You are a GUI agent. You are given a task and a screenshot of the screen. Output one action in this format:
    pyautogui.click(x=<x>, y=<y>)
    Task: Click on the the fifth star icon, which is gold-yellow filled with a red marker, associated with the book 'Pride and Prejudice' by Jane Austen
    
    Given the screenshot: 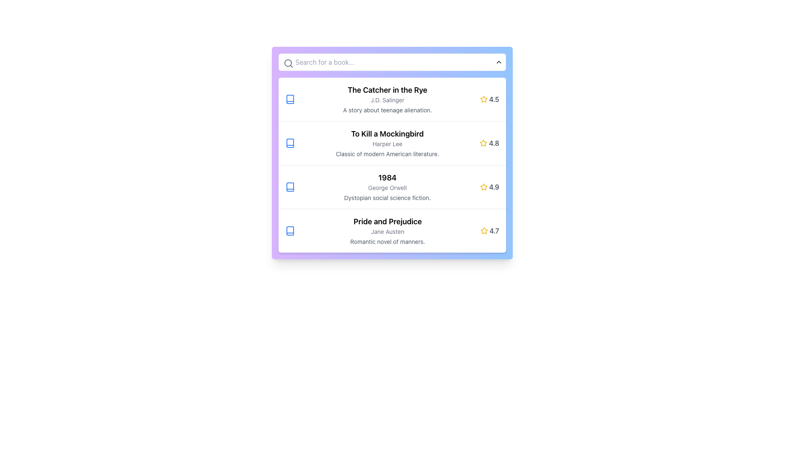 What is the action you would take?
    pyautogui.click(x=484, y=231)
    